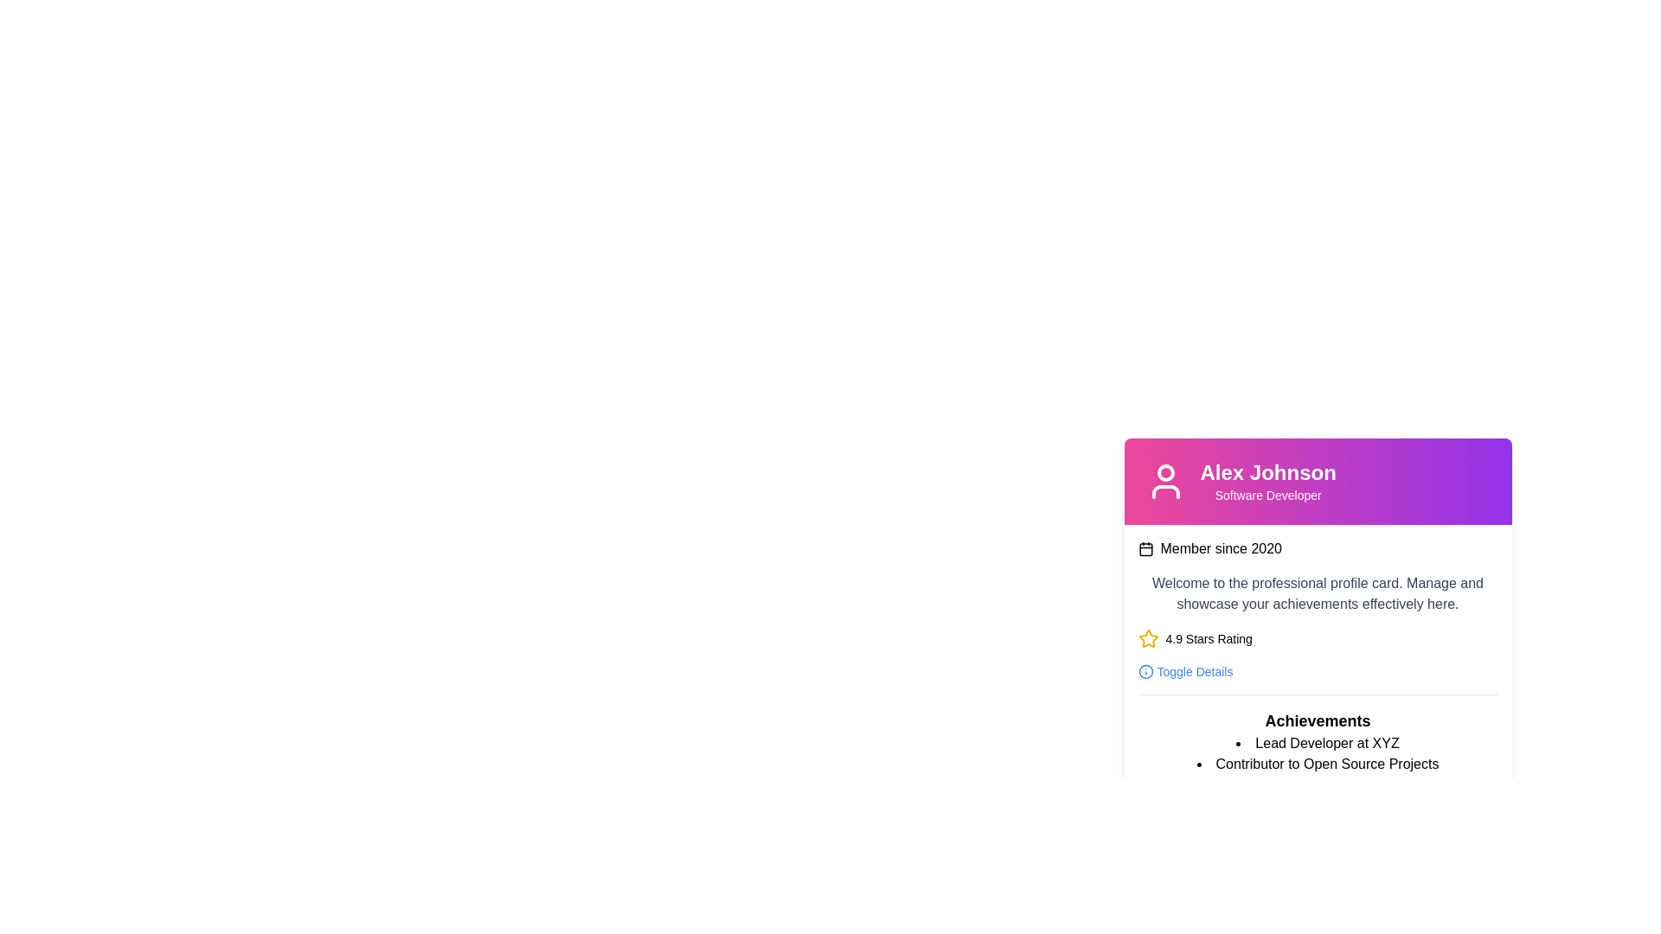 This screenshot has width=1661, height=934. What do you see at coordinates (1317, 592) in the screenshot?
I see `the informational text block located centrally within the profile card section, positioned below the 'Member since 2020' text and above the '4.9 Stars Rating' component` at bounding box center [1317, 592].